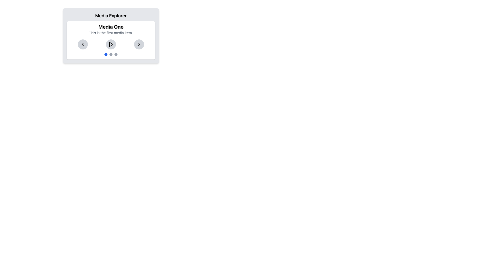 The height and width of the screenshot is (271, 482). Describe the element at coordinates (110, 54) in the screenshot. I see `the second round button in the Media Explorer interface` at that location.